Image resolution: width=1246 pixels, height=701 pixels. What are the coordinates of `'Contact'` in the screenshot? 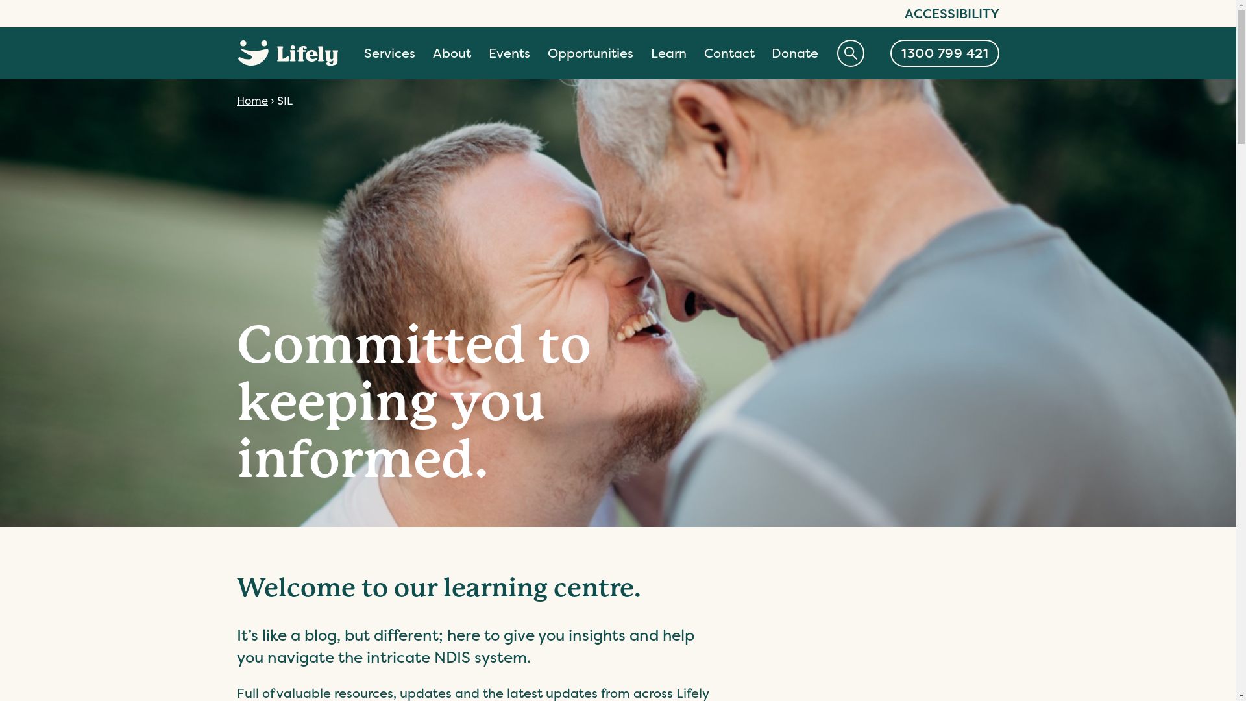 It's located at (729, 53).